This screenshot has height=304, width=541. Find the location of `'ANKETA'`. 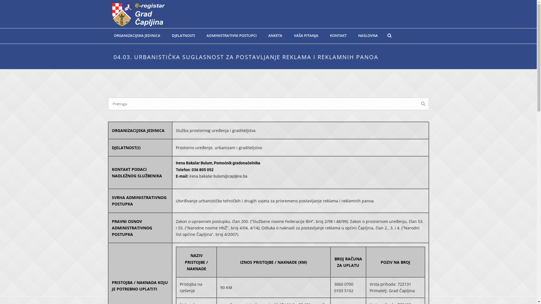

'ANKETA' is located at coordinates (275, 35).